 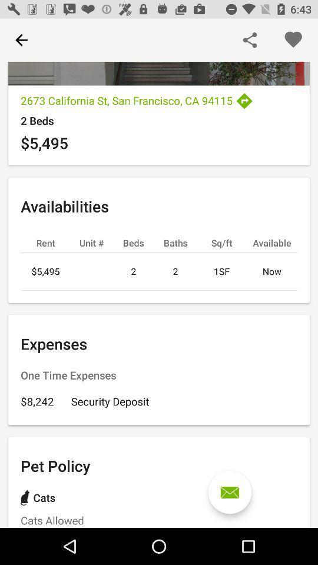 What do you see at coordinates (230, 492) in the screenshot?
I see `item next to pet policy` at bounding box center [230, 492].